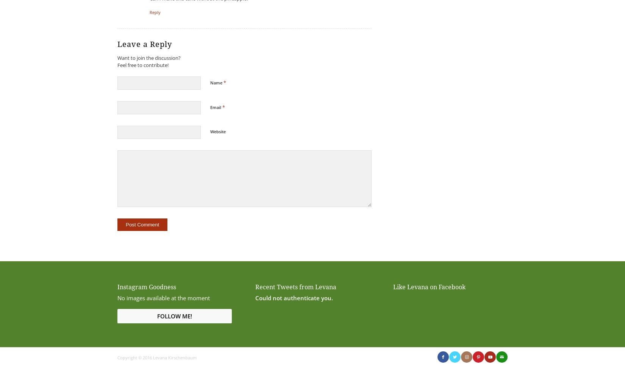 This screenshot has width=625, height=368. I want to click on 'Reply', so click(155, 12).